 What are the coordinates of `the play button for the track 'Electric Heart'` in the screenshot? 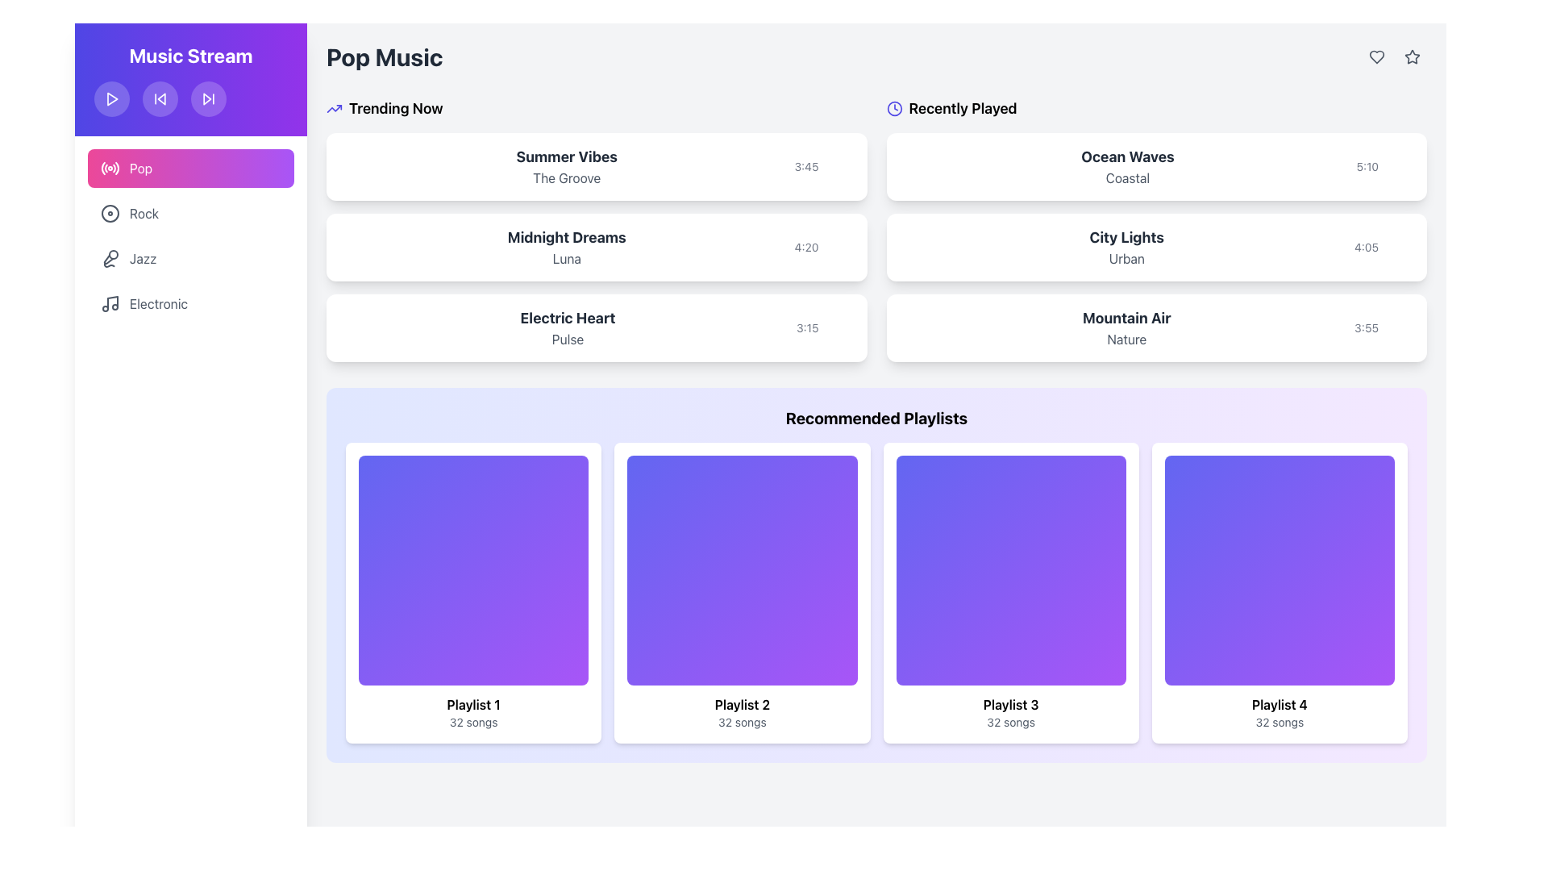 It's located at (840, 327).